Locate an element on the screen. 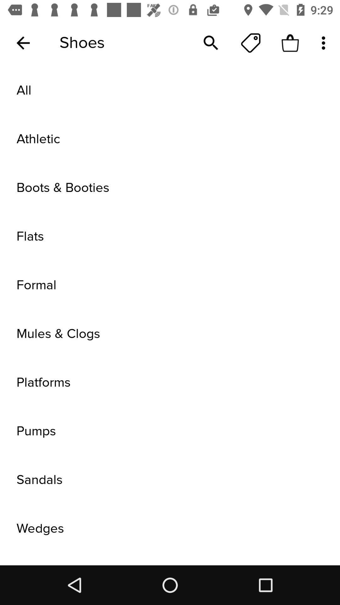 Image resolution: width=340 pixels, height=605 pixels. icon above the boots & booties is located at coordinates (170, 139).